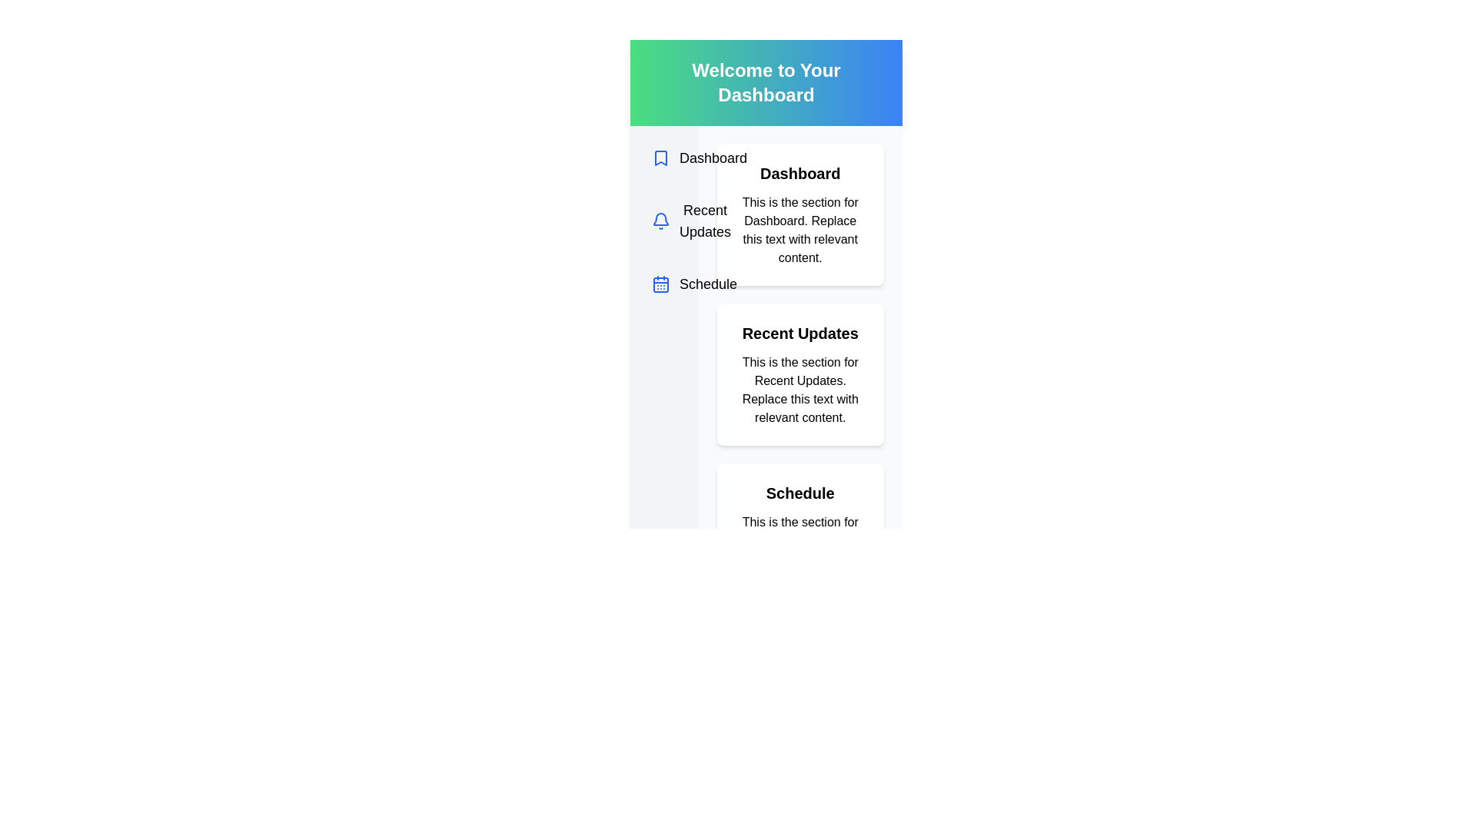  What do you see at coordinates (766, 83) in the screenshot?
I see `the greeting header banner located at the top of the dashboard interface, which welcomes the user to the platform` at bounding box center [766, 83].